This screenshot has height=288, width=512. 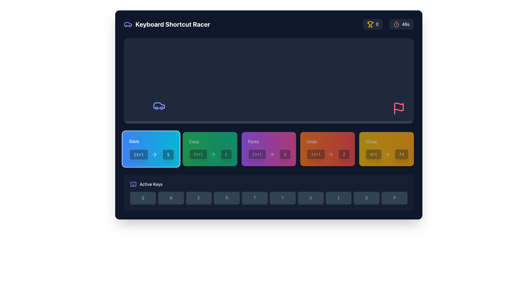 I want to click on the text label displaying 'Paste', which is styled in bold white font on a purple background, located in the bottom section of the interface as the third item in a row of buttons, so click(x=253, y=141).